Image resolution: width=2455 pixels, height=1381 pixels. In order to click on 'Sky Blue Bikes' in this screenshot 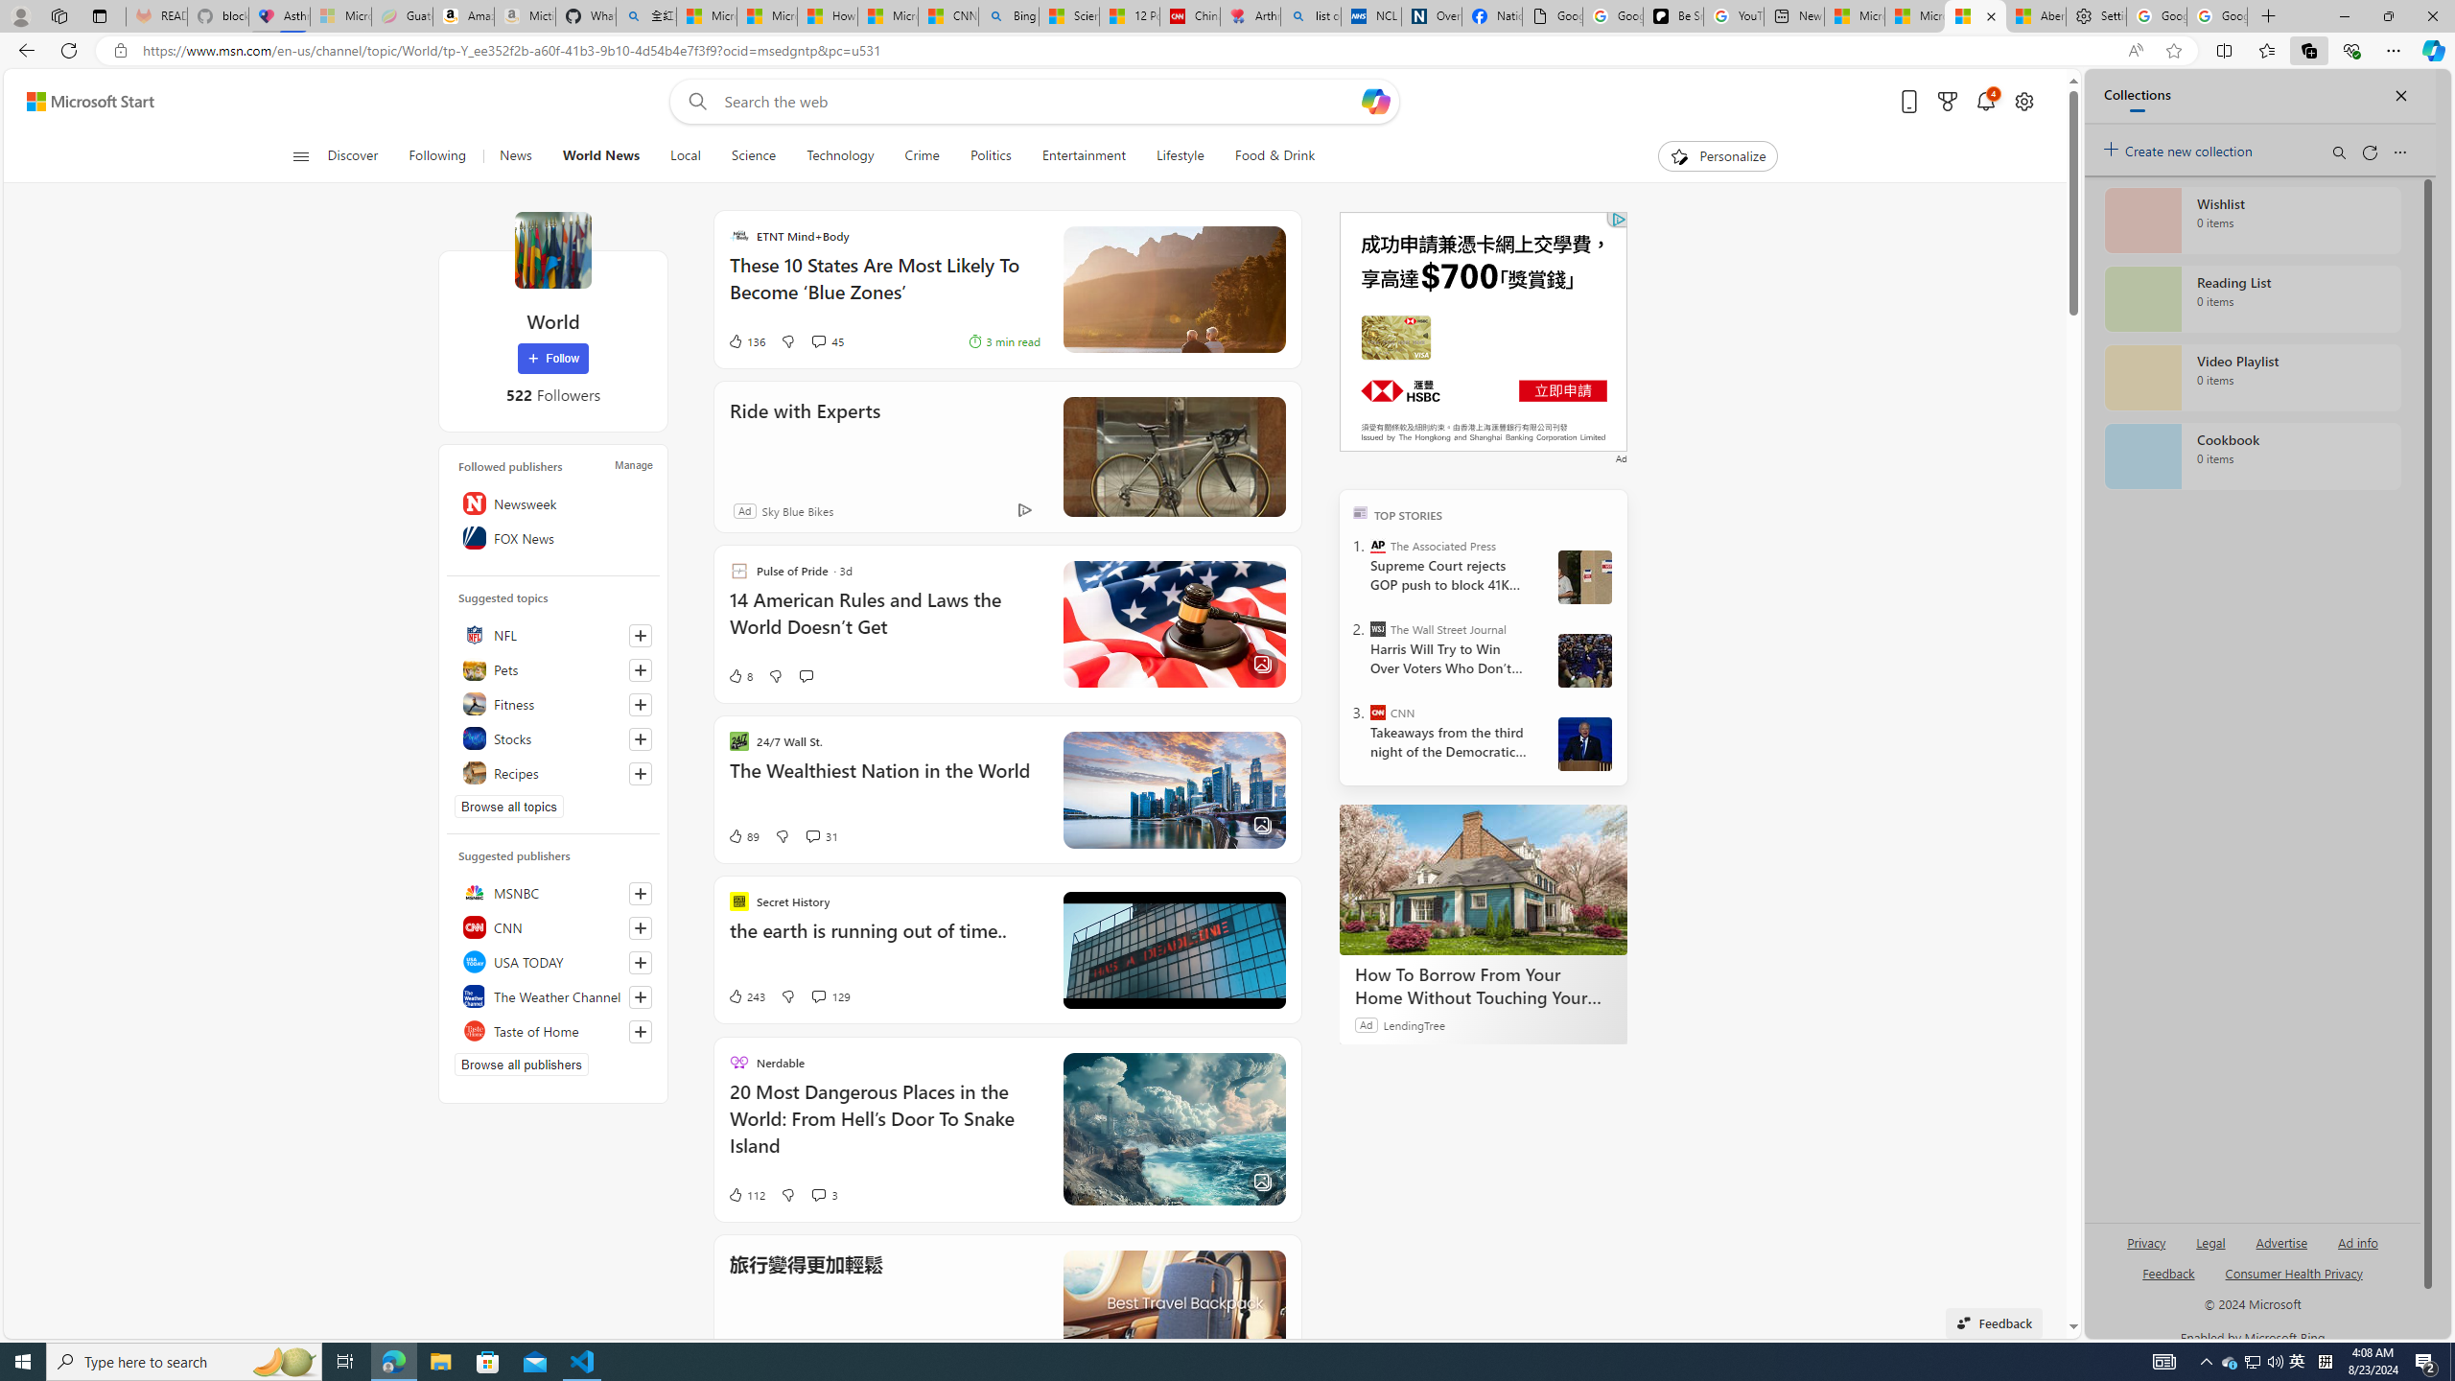, I will do `click(795, 510)`.